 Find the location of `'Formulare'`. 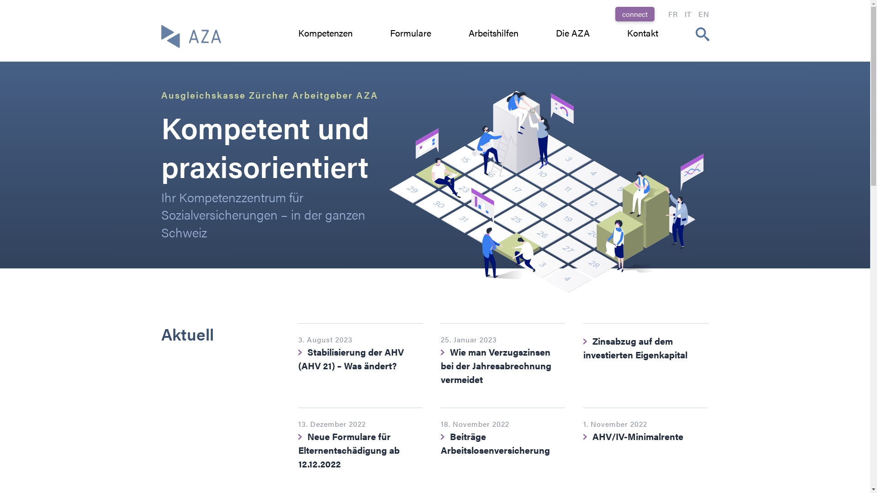

'Formulare' is located at coordinates (410, 32).